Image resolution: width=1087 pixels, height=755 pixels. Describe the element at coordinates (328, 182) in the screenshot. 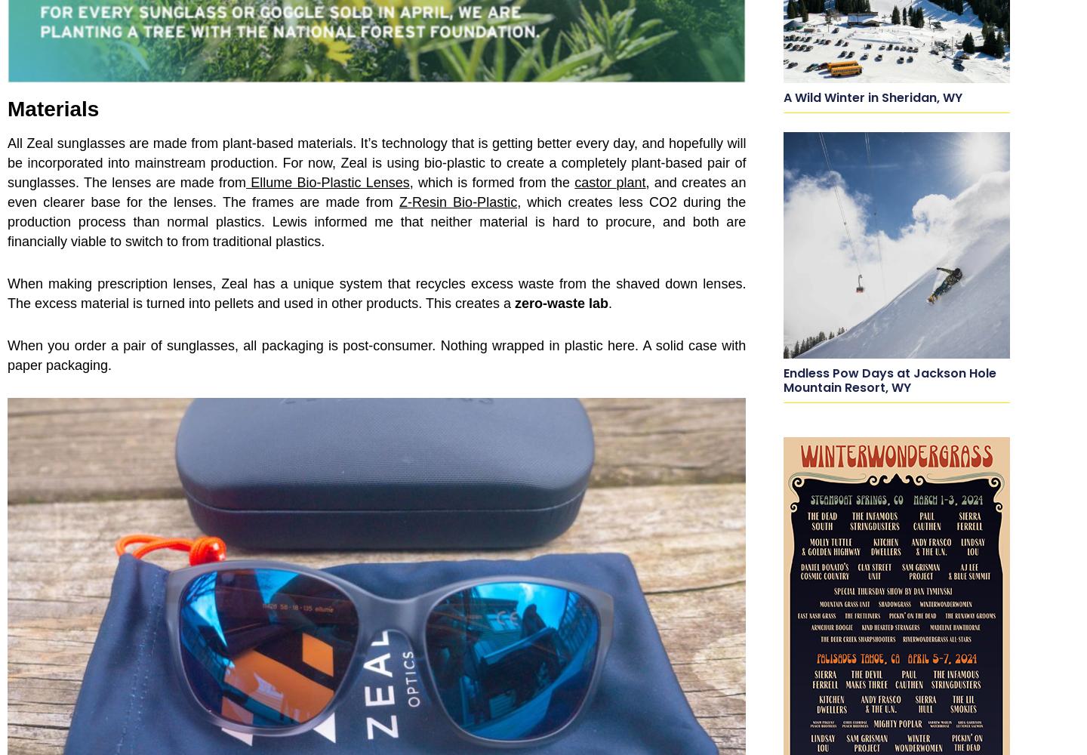

I see `'Ellume Bio-Plastic Lenses'` at that location.